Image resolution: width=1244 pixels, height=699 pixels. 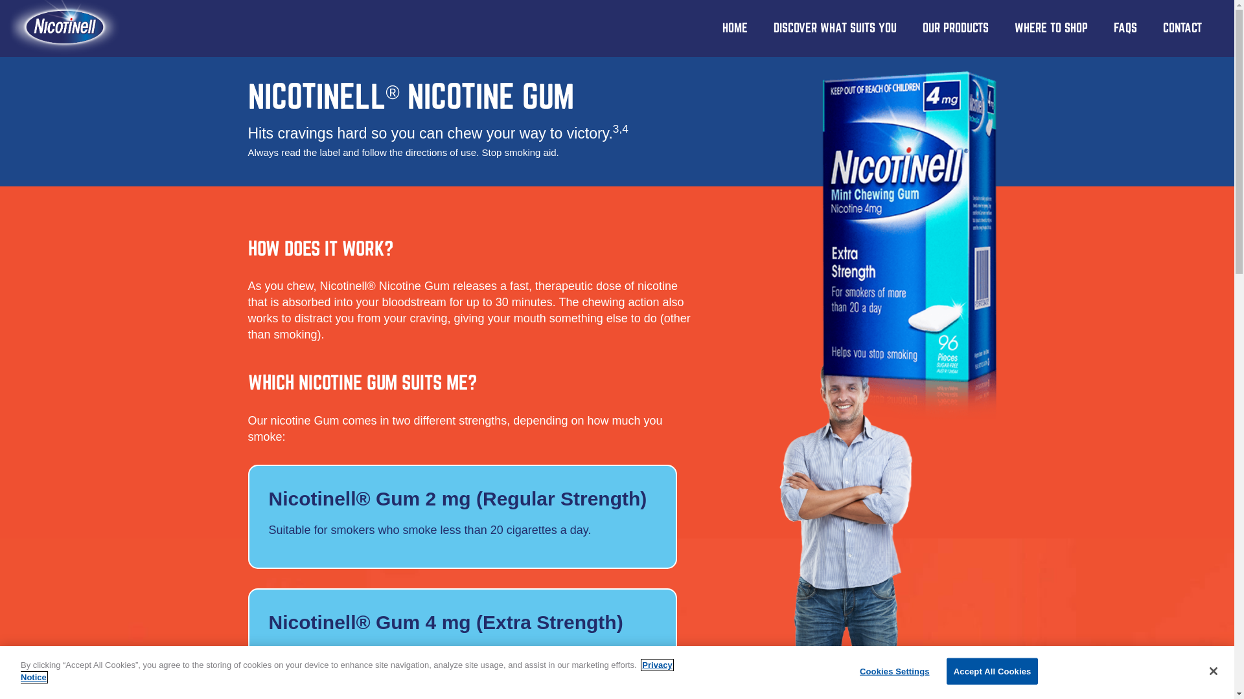 What do you see at coordinates (991, 671) in the screenshot?
I see `'Accept All Cookies'` at bounding box center [991, 671].